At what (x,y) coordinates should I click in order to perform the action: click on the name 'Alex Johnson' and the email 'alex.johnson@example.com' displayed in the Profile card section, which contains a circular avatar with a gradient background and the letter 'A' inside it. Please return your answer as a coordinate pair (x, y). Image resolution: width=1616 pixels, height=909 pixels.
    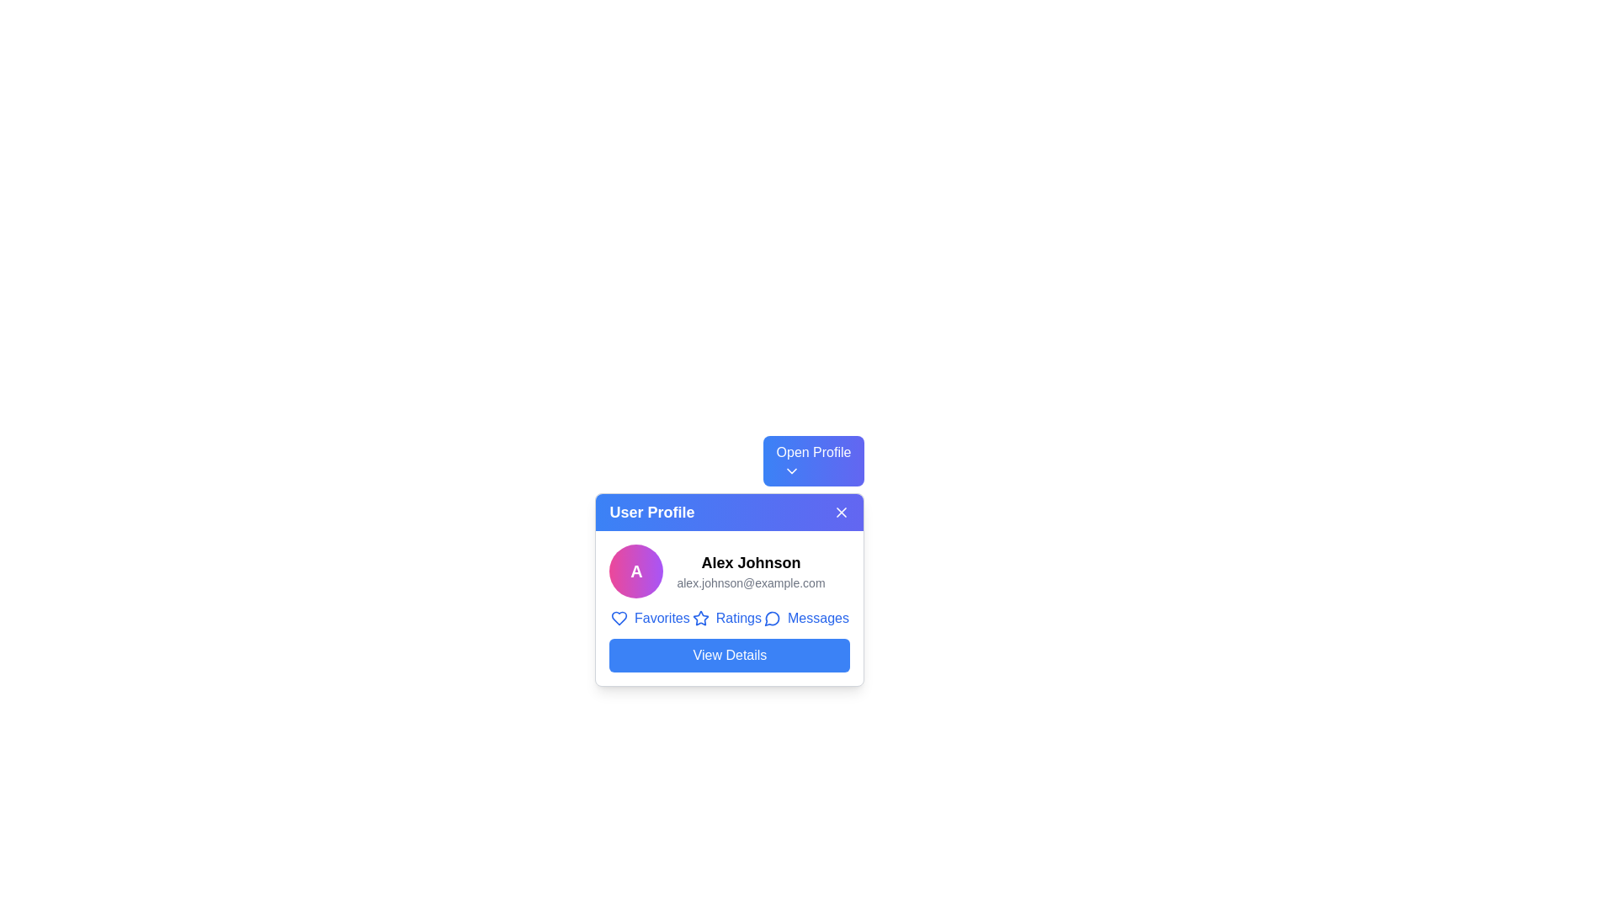
    Looking at the image, I should click on (730, 570).